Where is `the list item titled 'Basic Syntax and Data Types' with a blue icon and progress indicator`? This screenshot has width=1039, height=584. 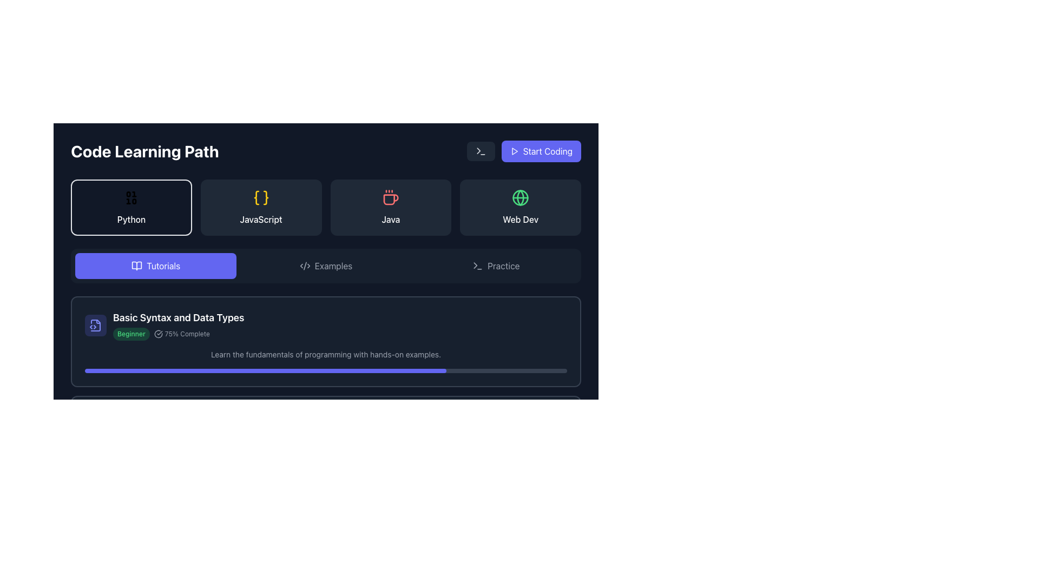
the list item titled 'Basic Syntax and Data Types' with a blue icon and progress indicator is located at coordinates (163, 324).